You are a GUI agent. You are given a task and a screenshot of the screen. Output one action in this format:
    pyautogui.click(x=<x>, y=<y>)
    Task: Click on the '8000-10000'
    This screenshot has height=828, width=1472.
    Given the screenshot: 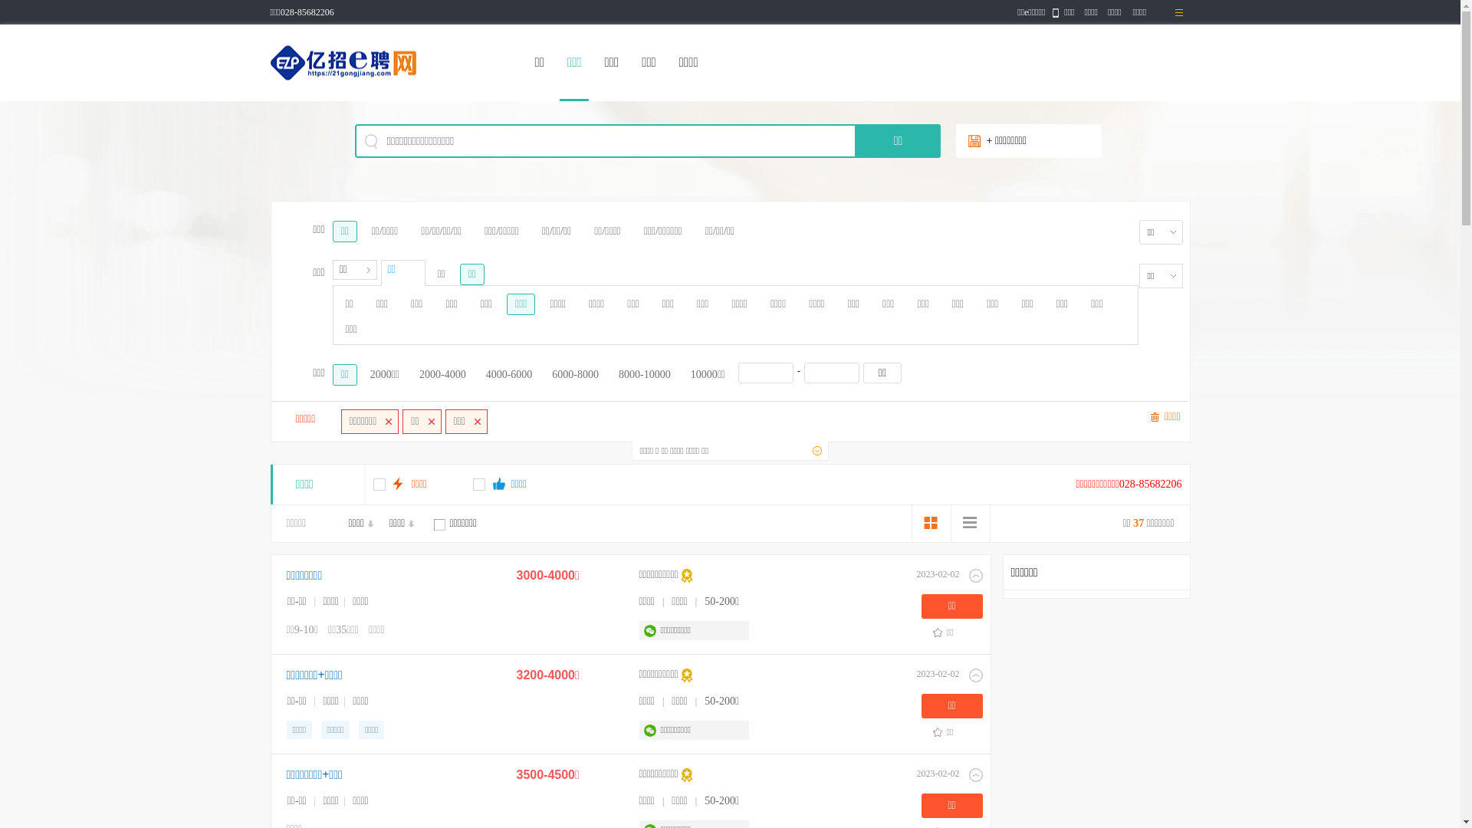 What is the action you would take?
    pyautogui.click(x=644, y=375)
    